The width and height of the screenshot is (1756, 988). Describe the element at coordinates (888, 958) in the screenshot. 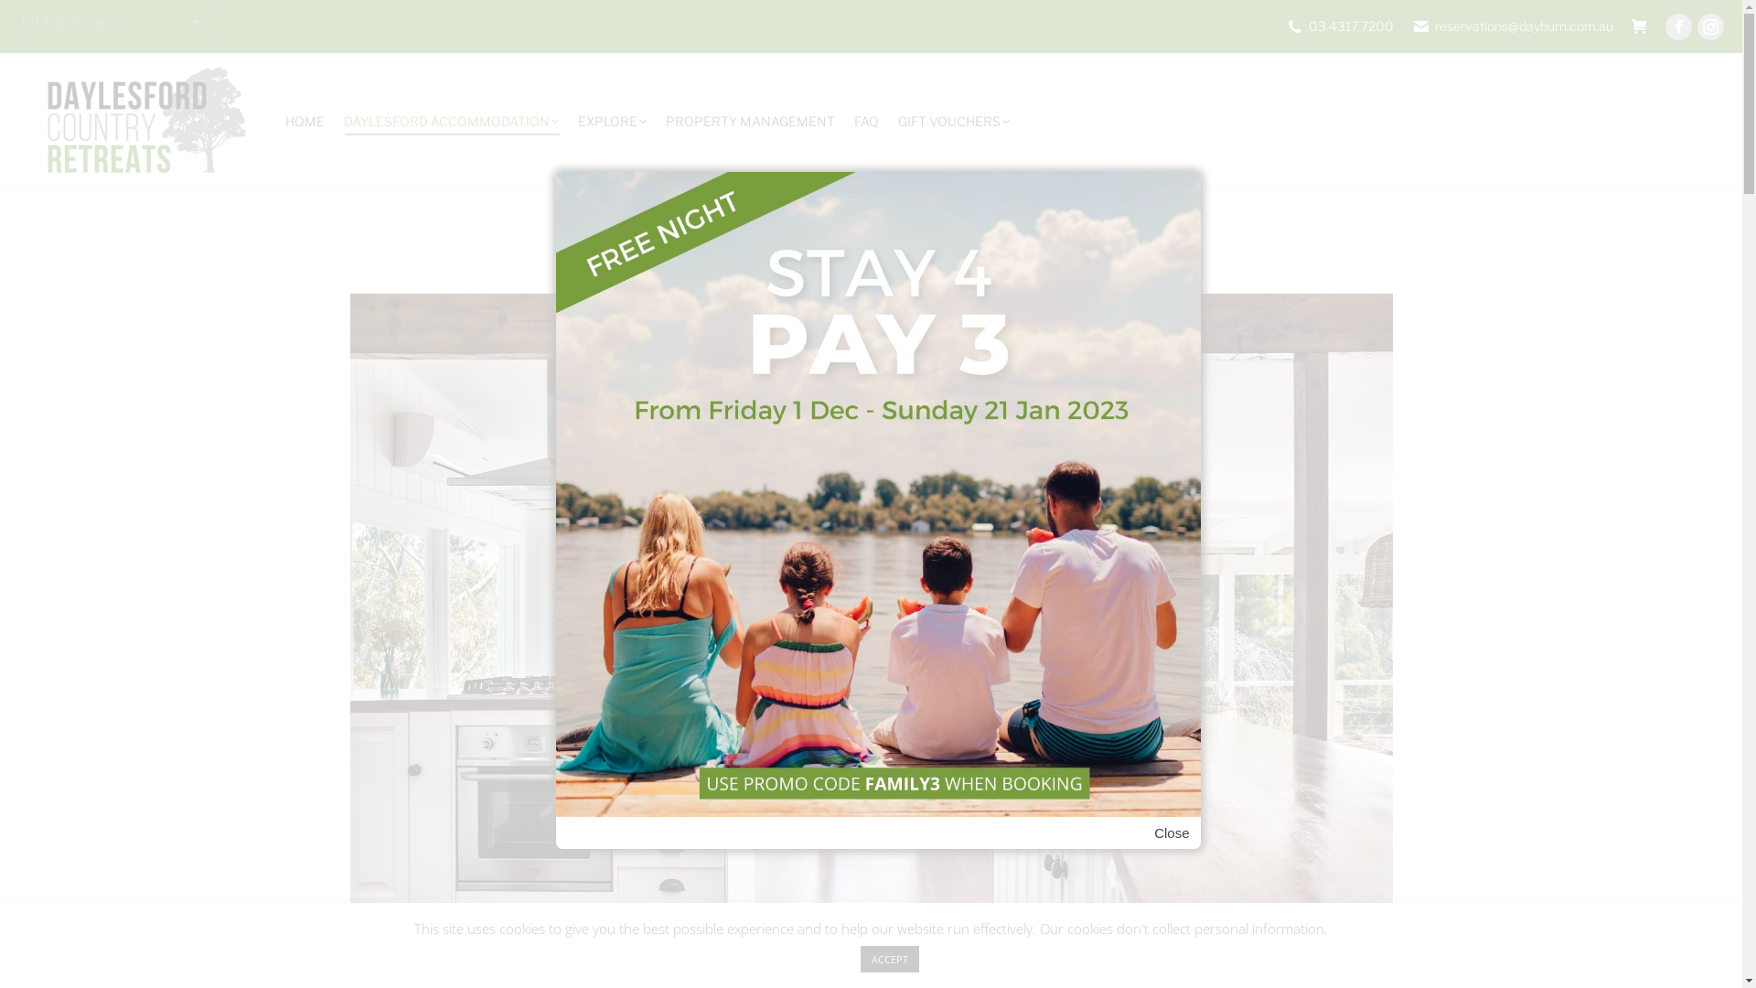

I see `'ACCEPT'` at that location.